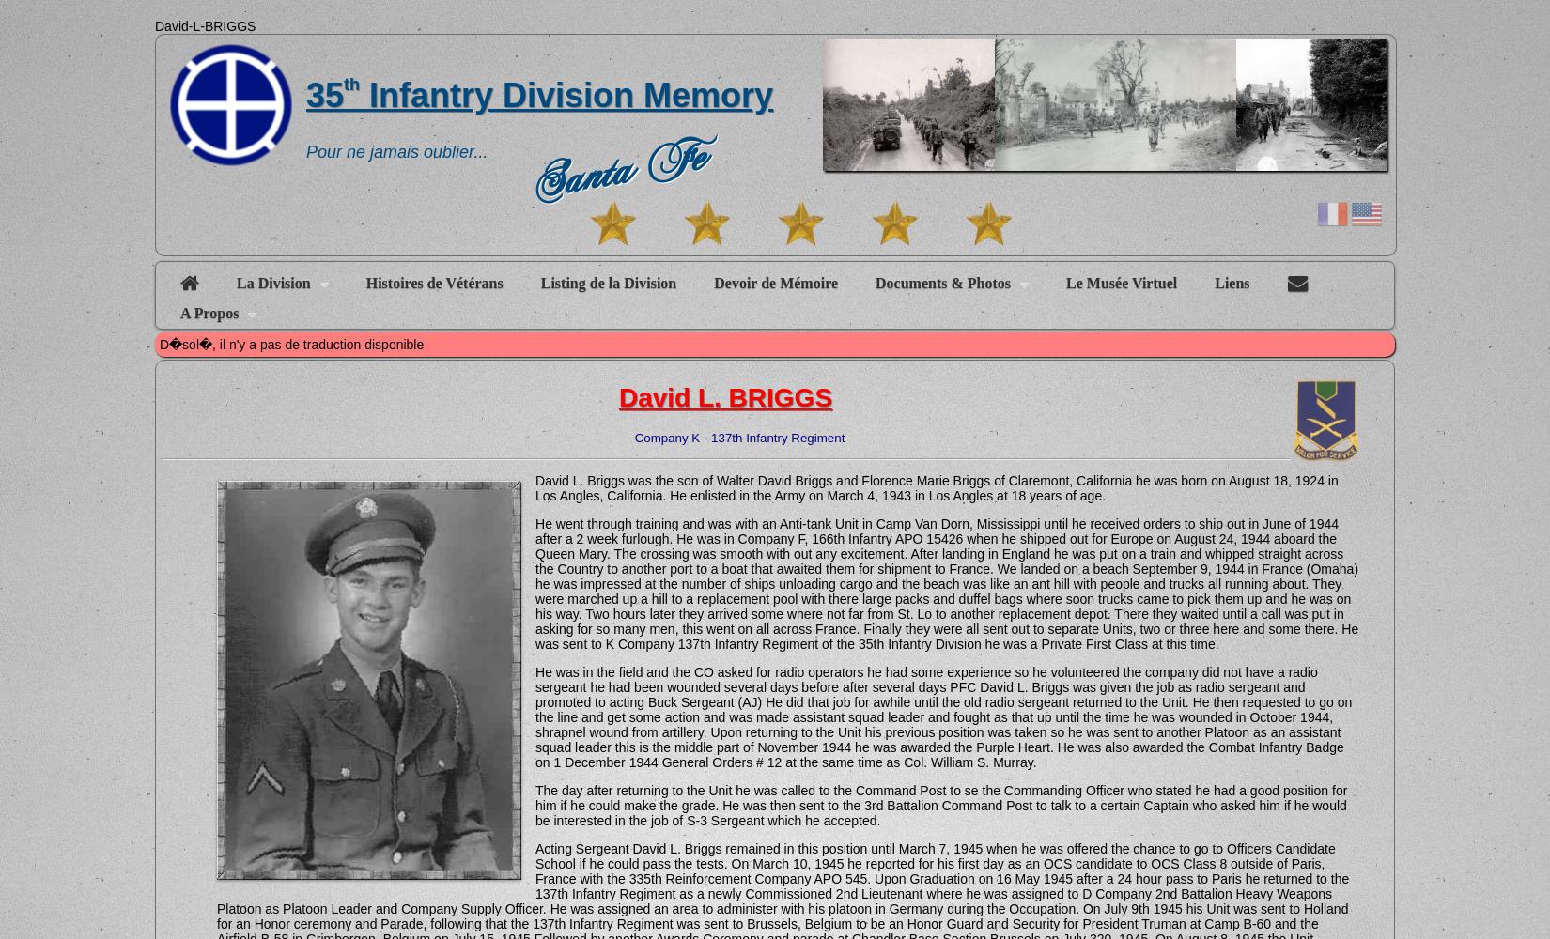 The height and width of the screenshot is (939, 1550). Describe the element at coordinates (941, 804) in the screenshot. I see `'The day after returning to the Unit he was called to the Command Post to se the Commanding Officer who stated he had a good position for him if he could make the grade. He was then sent to the 3rd Battalion Command Post to talk to a certain Captain who asked him if he would be interested in the job of S-3 Sergeant which he accepted.'` at that location.